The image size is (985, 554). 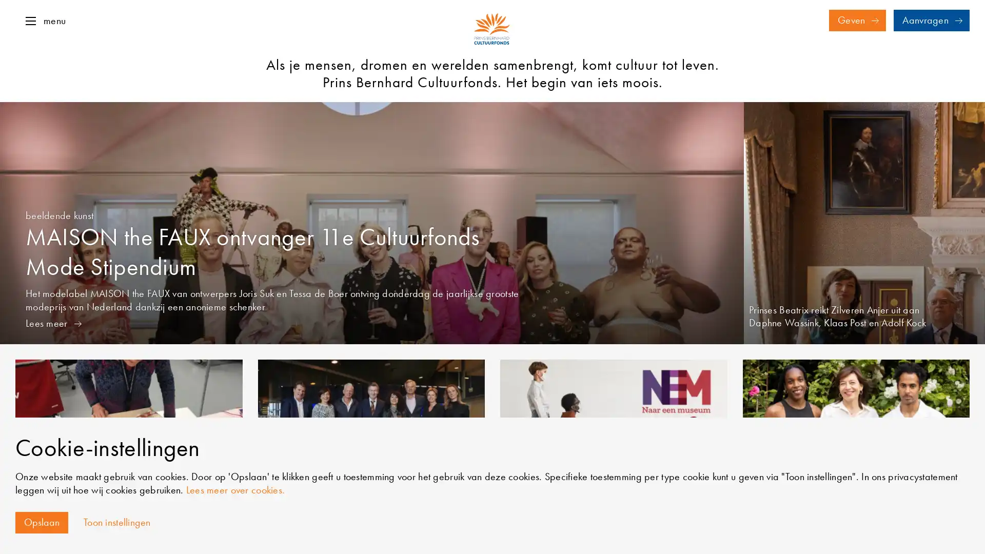 I want to click on Toon instellingen, so click(x=109, y=522).